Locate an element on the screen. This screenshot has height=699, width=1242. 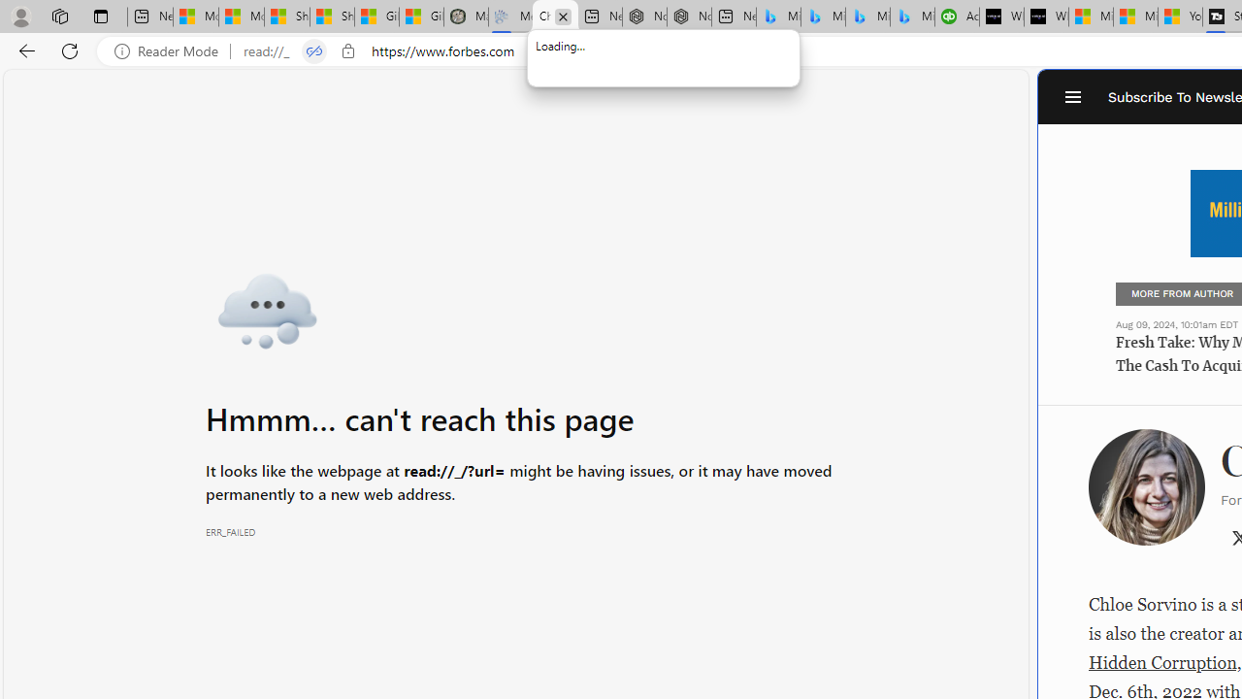
'Microsoft Bing Travel - Stays in Bangkok, Bangkok, Thailand' is located at coordinates (823, 17).